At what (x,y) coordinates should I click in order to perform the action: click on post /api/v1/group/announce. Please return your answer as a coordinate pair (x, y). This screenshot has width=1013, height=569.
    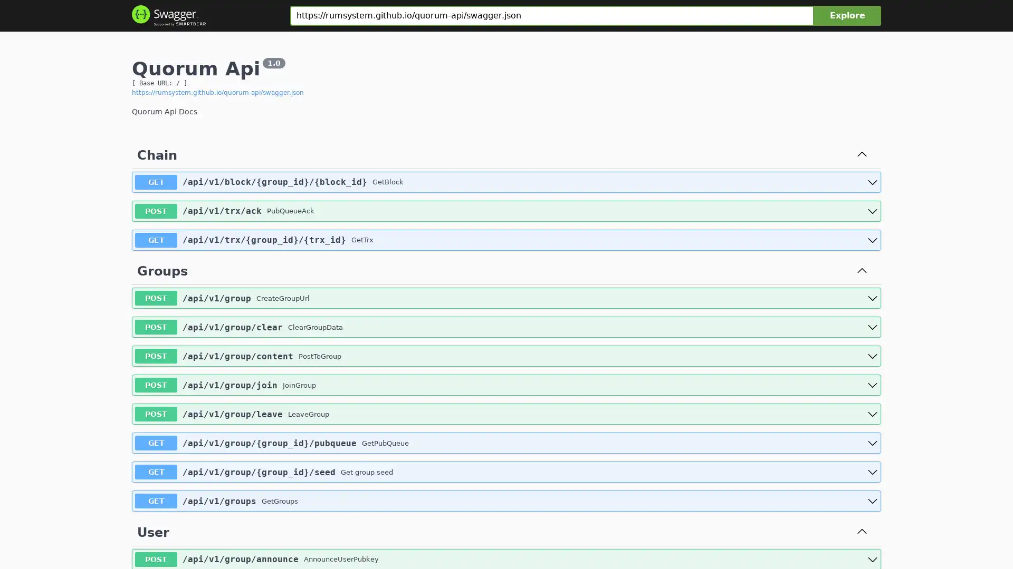
    Looking at the image, I should click on (506, 558).